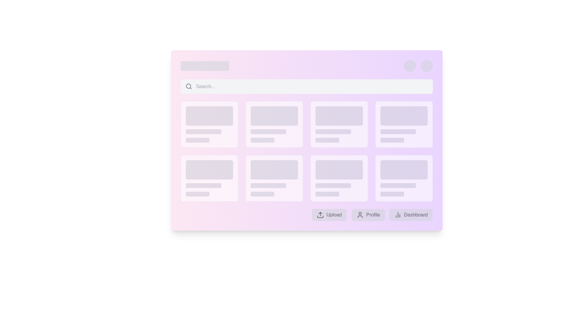 The height and width of the screenshot is (327, 582). Describe the element at coordinates (360, 214) in the screenshot. I see `the Profile icon located in the bottom-center section of the interface` at that location.